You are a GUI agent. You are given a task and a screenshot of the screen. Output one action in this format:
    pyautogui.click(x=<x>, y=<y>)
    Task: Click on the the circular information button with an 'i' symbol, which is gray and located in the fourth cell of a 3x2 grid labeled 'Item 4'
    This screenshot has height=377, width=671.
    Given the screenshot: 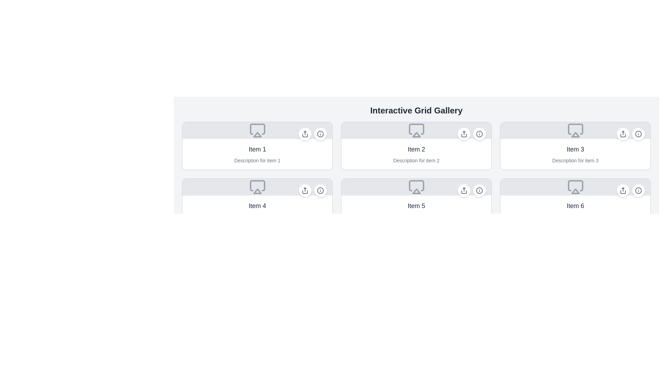 What is the action you would take?
    pyautogui.click(x=320, y=191)
    